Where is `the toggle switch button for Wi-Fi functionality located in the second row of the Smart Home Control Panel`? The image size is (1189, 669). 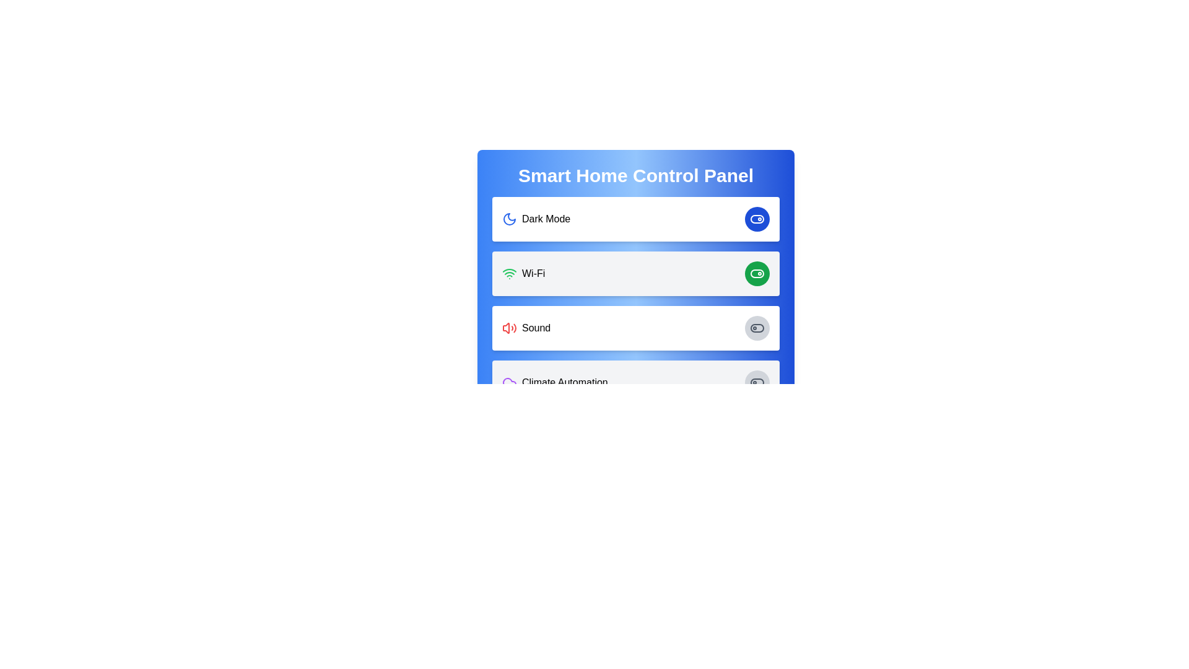
the toggle switch button for Wi-Fi functionality located in the second row of the Smart Home Control Panel is located at coordinates (757, 273).